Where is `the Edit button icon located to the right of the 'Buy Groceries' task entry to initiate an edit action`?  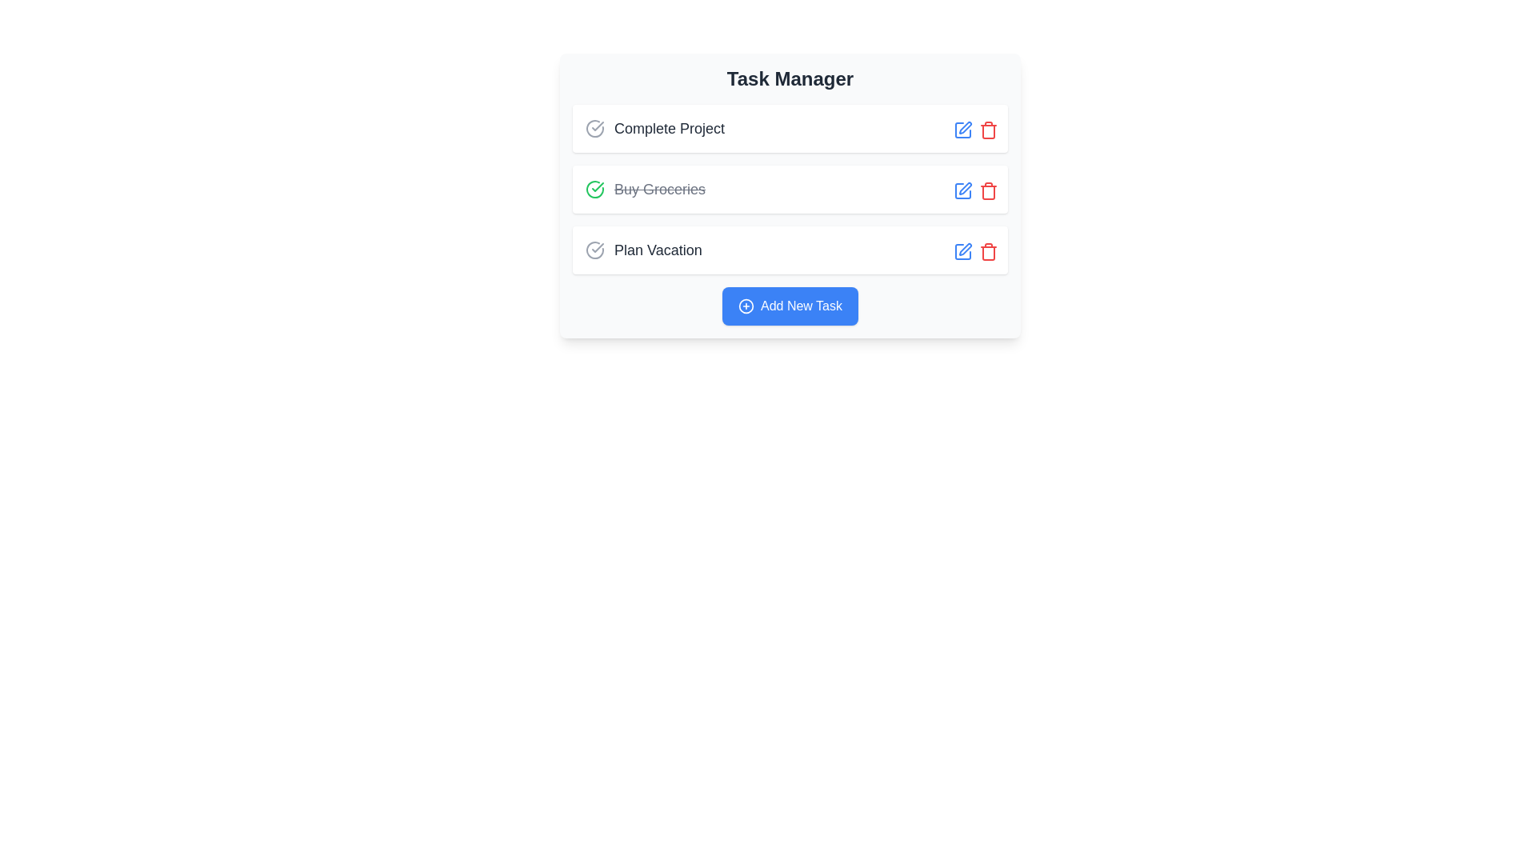 the Edit button icon located to the right of the 'Buy Groceries' task entry to initiate an edit action is located at coordinates (960, 188).